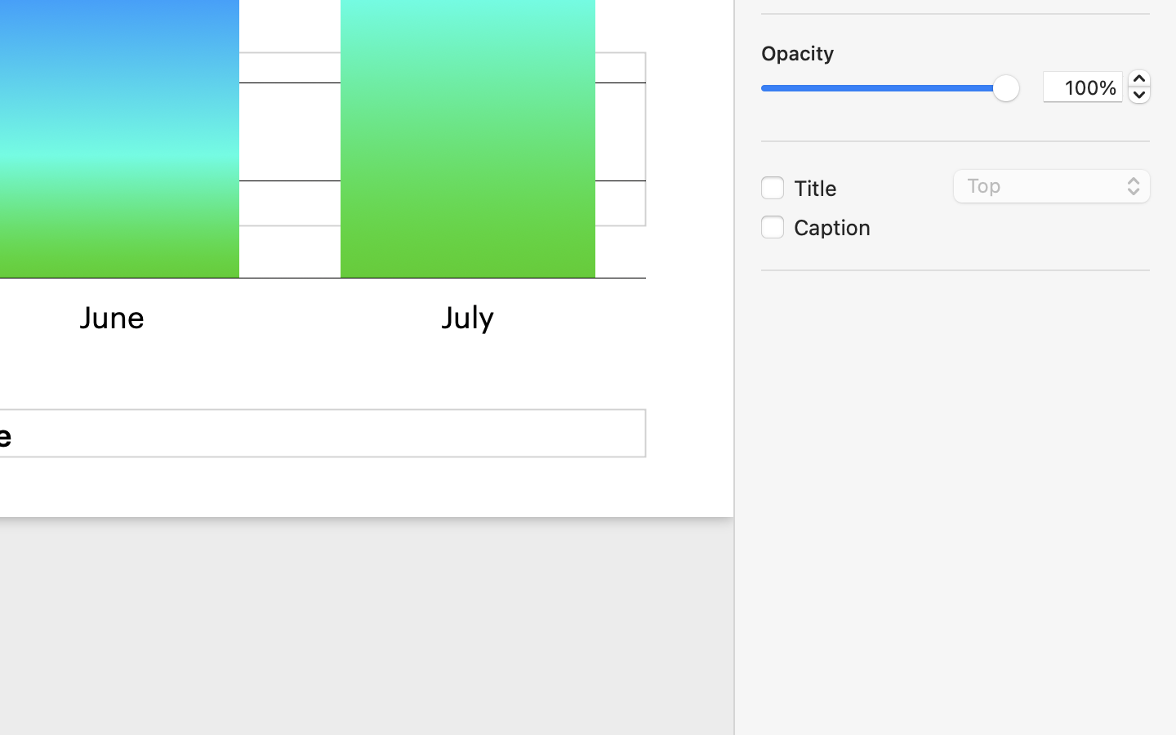  Describe the element at coordinates (1052, 188) in the screenshot. I see `'Top'` at that location.